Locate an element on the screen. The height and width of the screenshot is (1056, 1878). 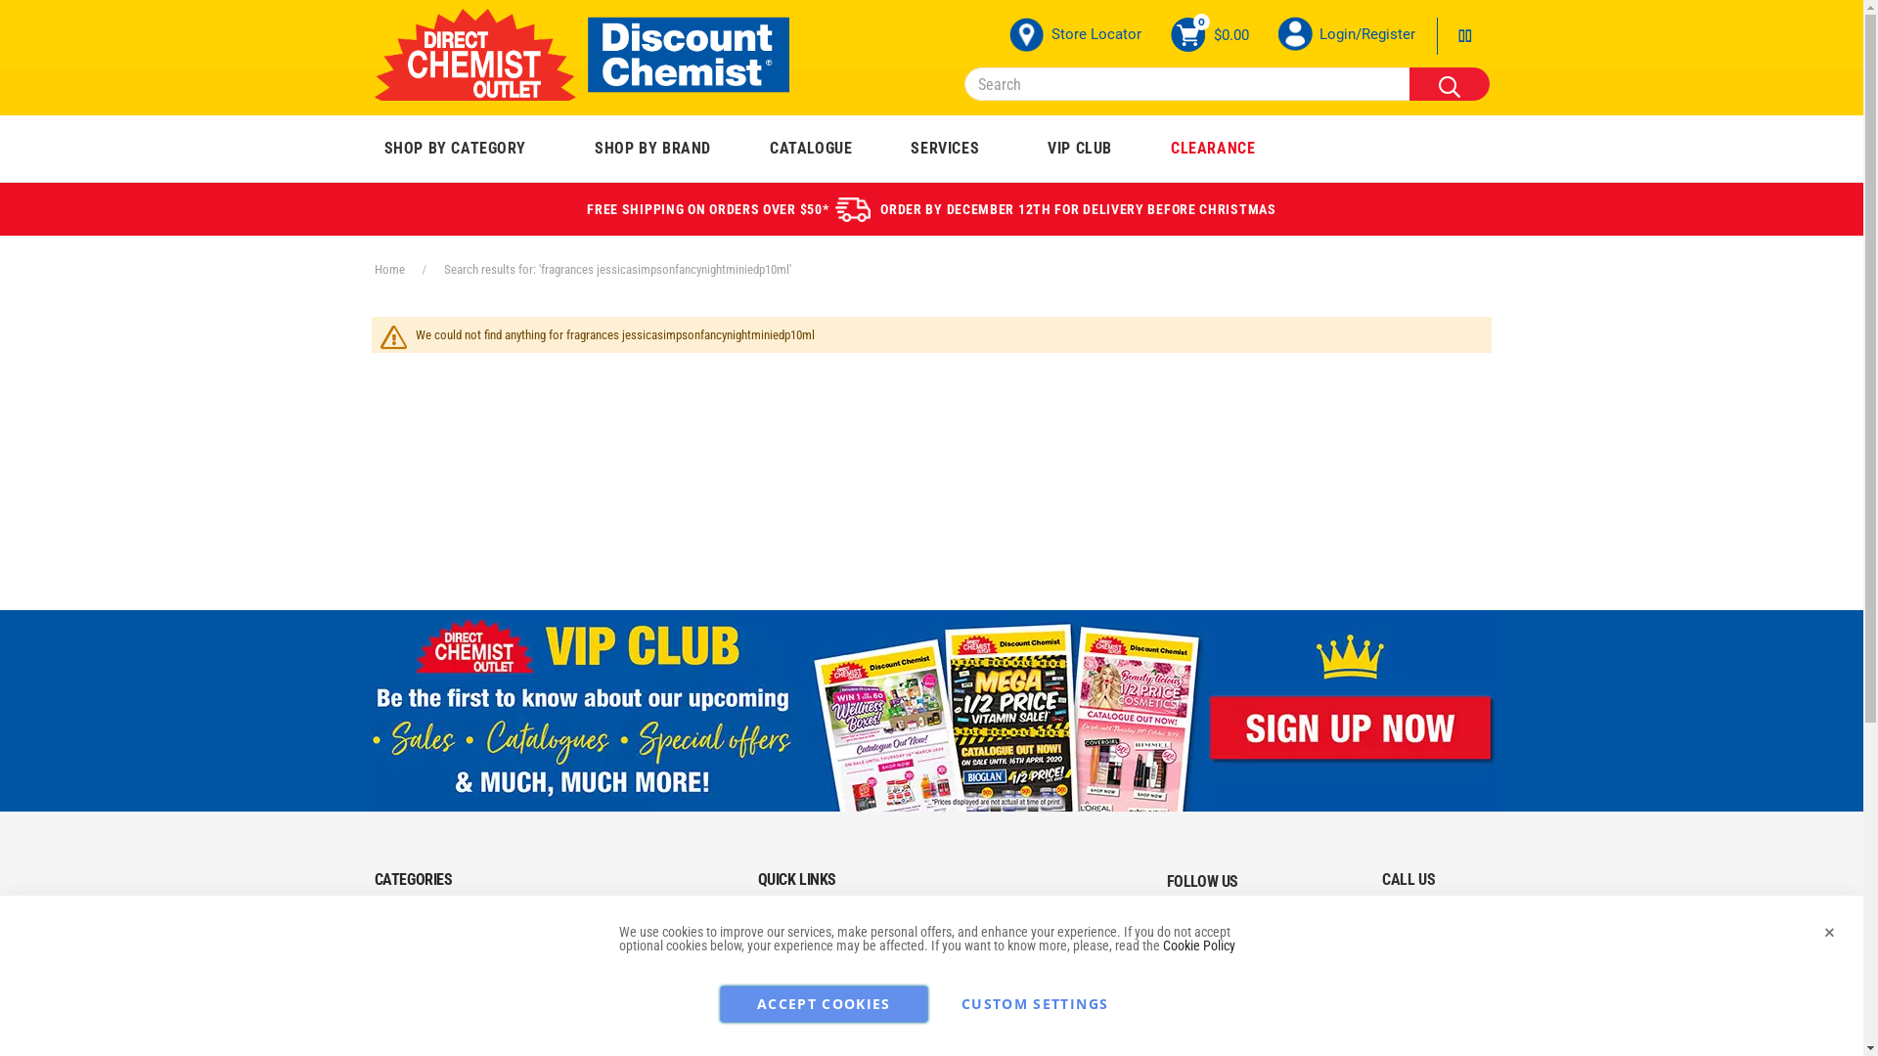
'Cookie Policy' is located at coordinates (1162, 945).